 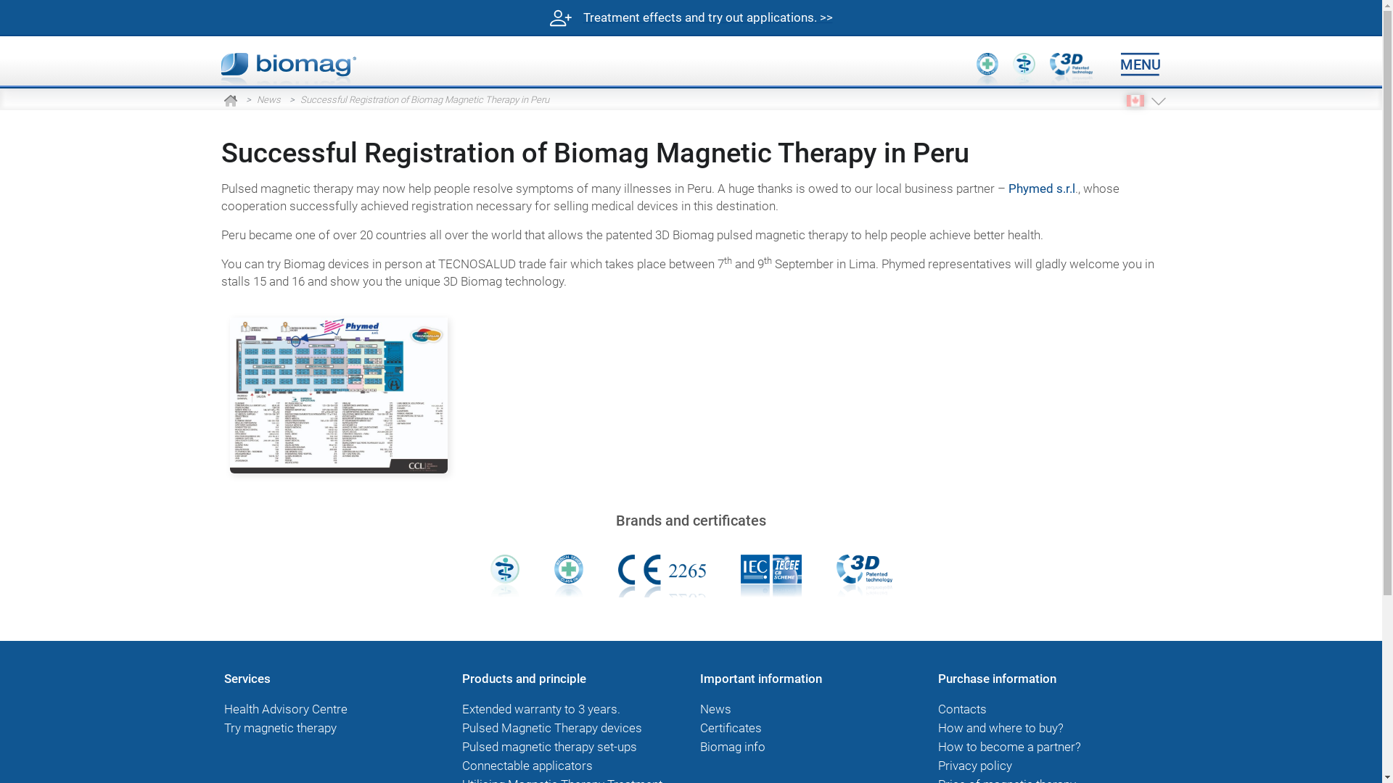 What do you see at coordinates (1008, 746) in the screenshot?
I see `'How to become a partner?'` at bounding box center [1008, 746].